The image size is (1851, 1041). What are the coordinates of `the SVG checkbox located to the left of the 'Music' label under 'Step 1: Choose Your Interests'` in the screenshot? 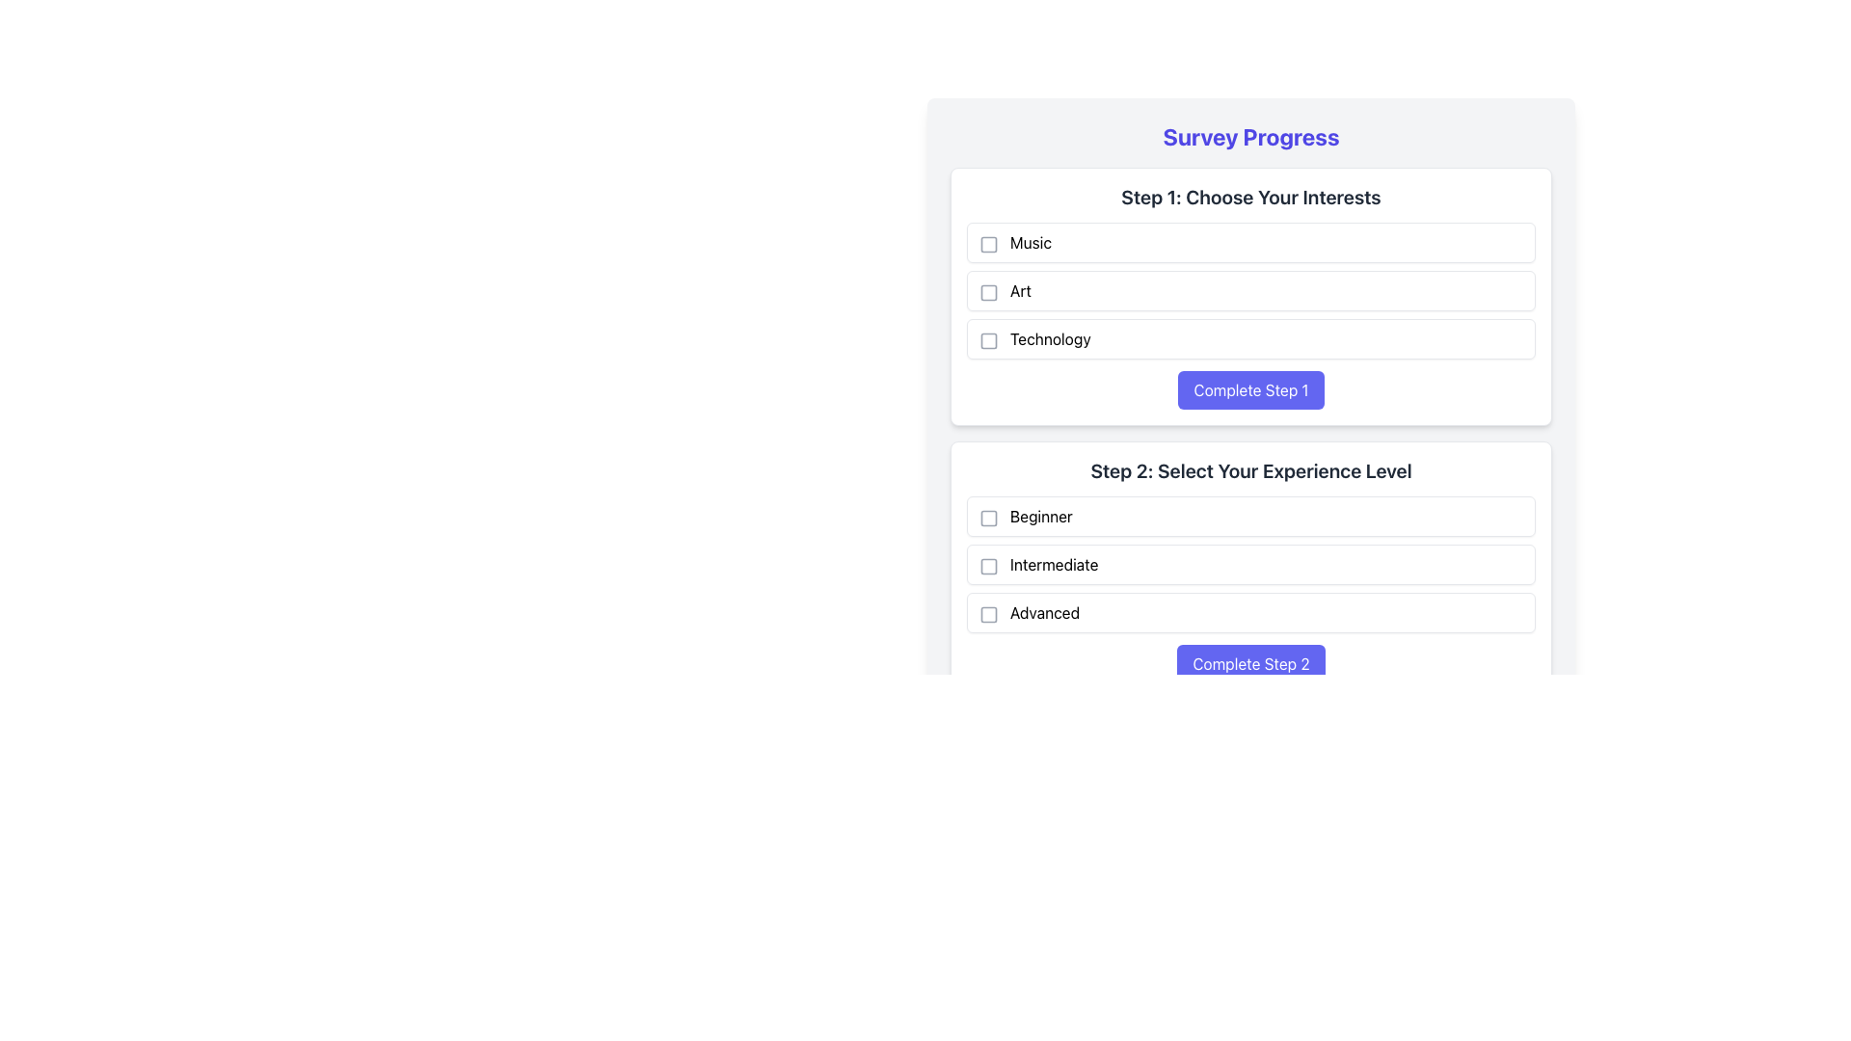 It's located at (989, 243).